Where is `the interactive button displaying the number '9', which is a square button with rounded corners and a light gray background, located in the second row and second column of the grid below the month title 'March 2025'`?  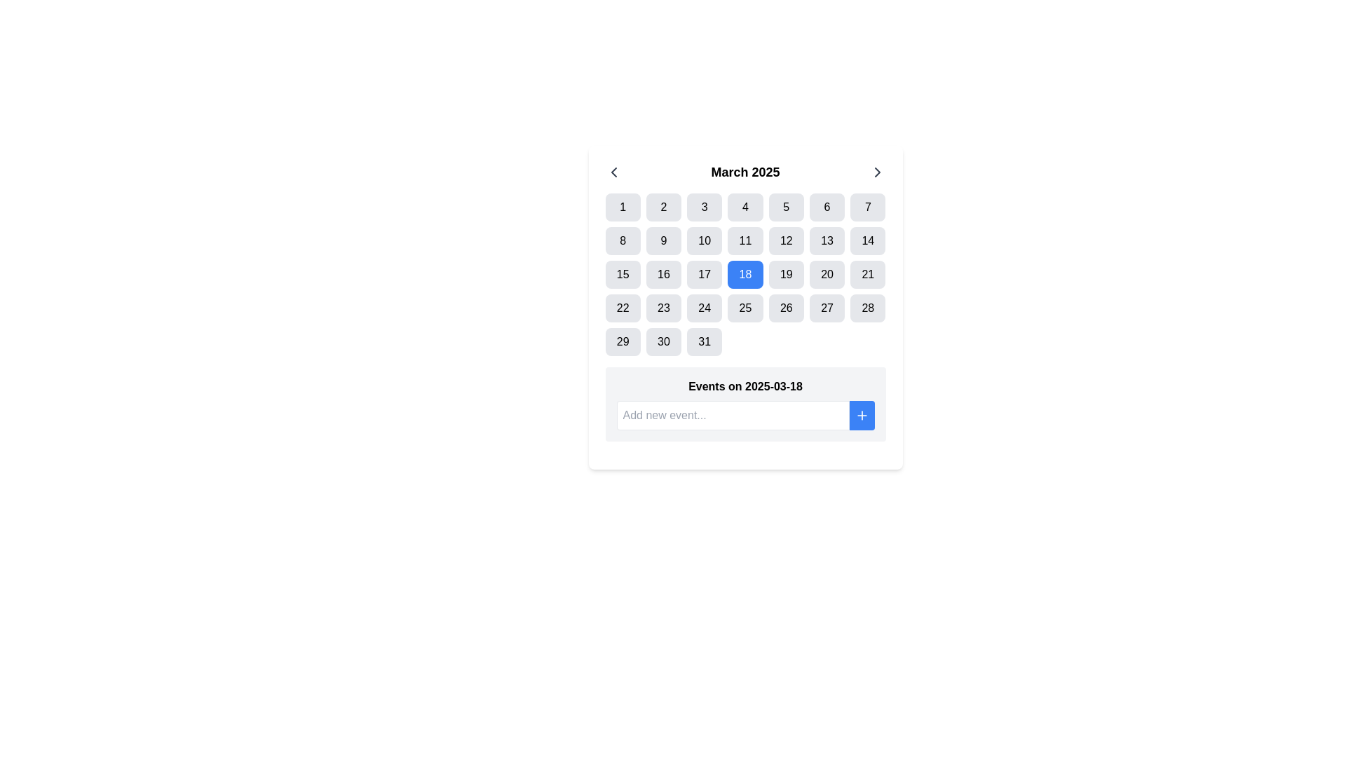 the interactive button displaying the number '9', which is a square button with rounded corners and a light gray background, located in the second row and second column of the grid below the month title 'March 2025' is located at coordinates (662, 240).